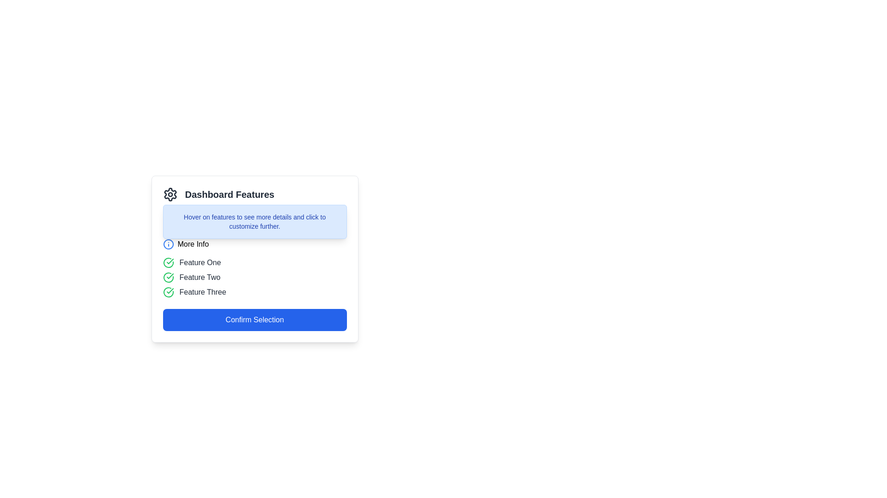 The height and width of the screenshot is (498, 887). Describe the element at coordinates (255, 259) in the screenshot. I see `within the feature selection interface located below the title 'Dashboard Features' and above the 'Confirm Selection' button` at that location.